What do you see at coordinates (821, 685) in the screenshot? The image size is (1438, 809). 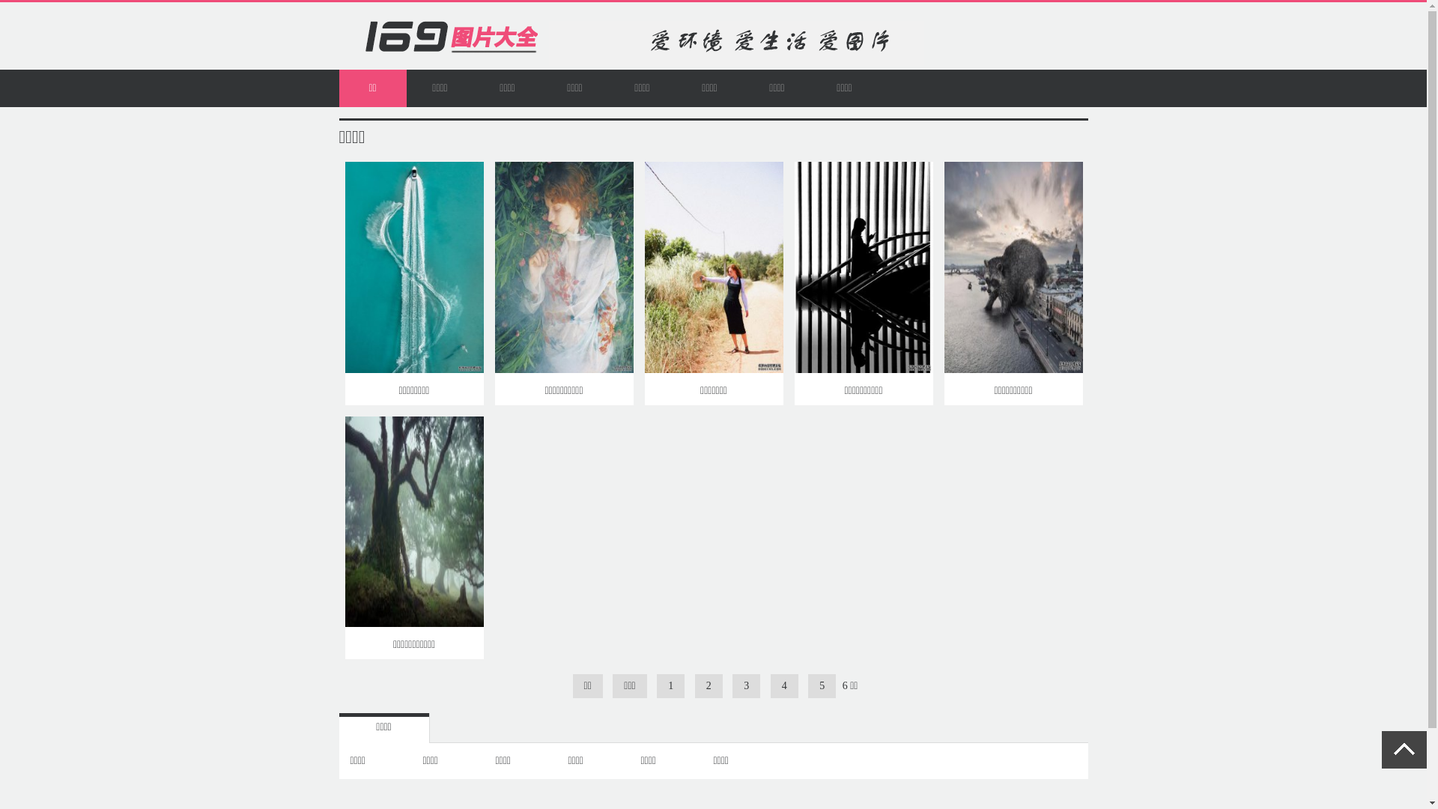 I see `'5'` at bounding box center [821, 685].